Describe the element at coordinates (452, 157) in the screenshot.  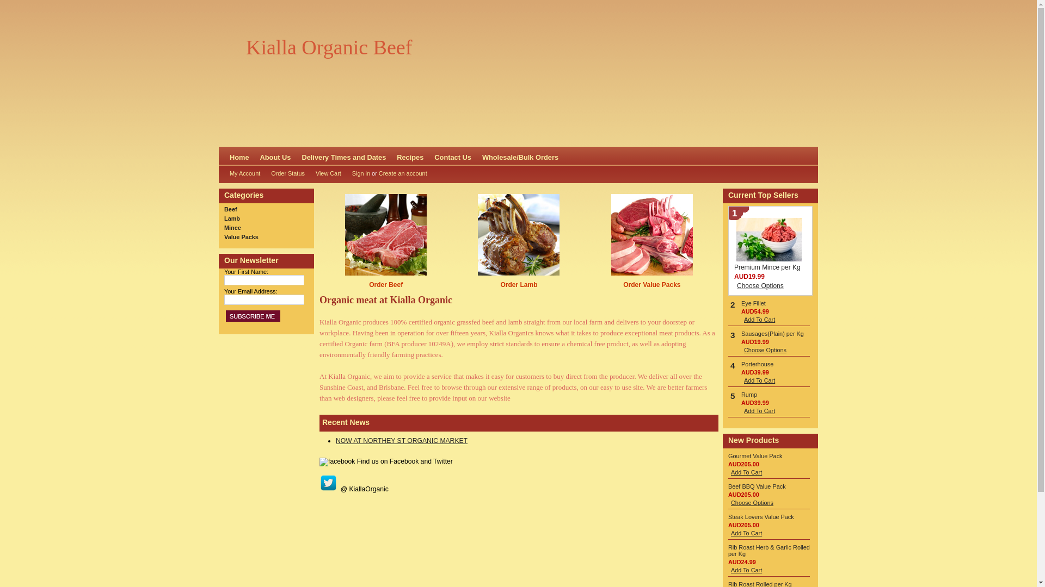
I see `'Contact Us'` at that location.